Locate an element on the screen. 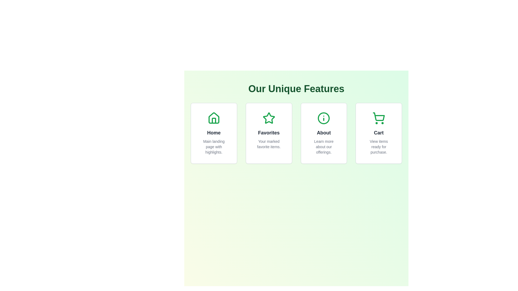 Image resolution: width=518 pixels, height=291 pixels. the static text label that serves as a heading for the 'Favorites' section, located centrally within the card layout is located at coordinates (269, 133).